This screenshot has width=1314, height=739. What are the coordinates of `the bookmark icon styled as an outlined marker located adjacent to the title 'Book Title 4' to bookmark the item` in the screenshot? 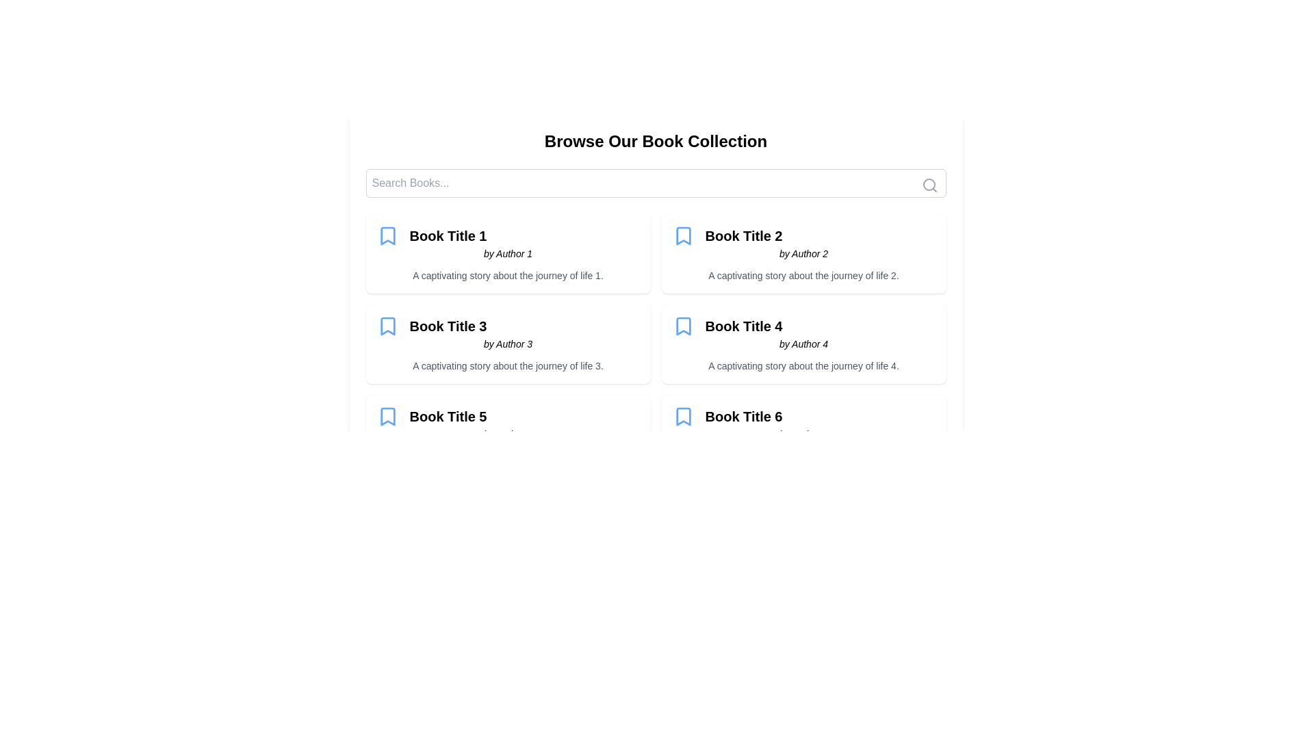 It's located at (683, 326).